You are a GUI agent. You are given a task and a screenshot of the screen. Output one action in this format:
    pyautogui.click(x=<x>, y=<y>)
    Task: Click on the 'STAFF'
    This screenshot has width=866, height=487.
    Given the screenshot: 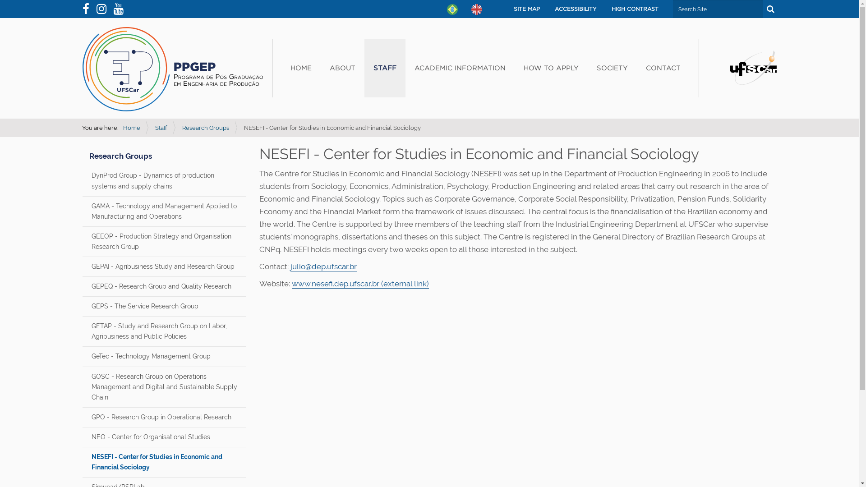 What is the action you would take?
    pyautogui.click(x=385, y=67)
    